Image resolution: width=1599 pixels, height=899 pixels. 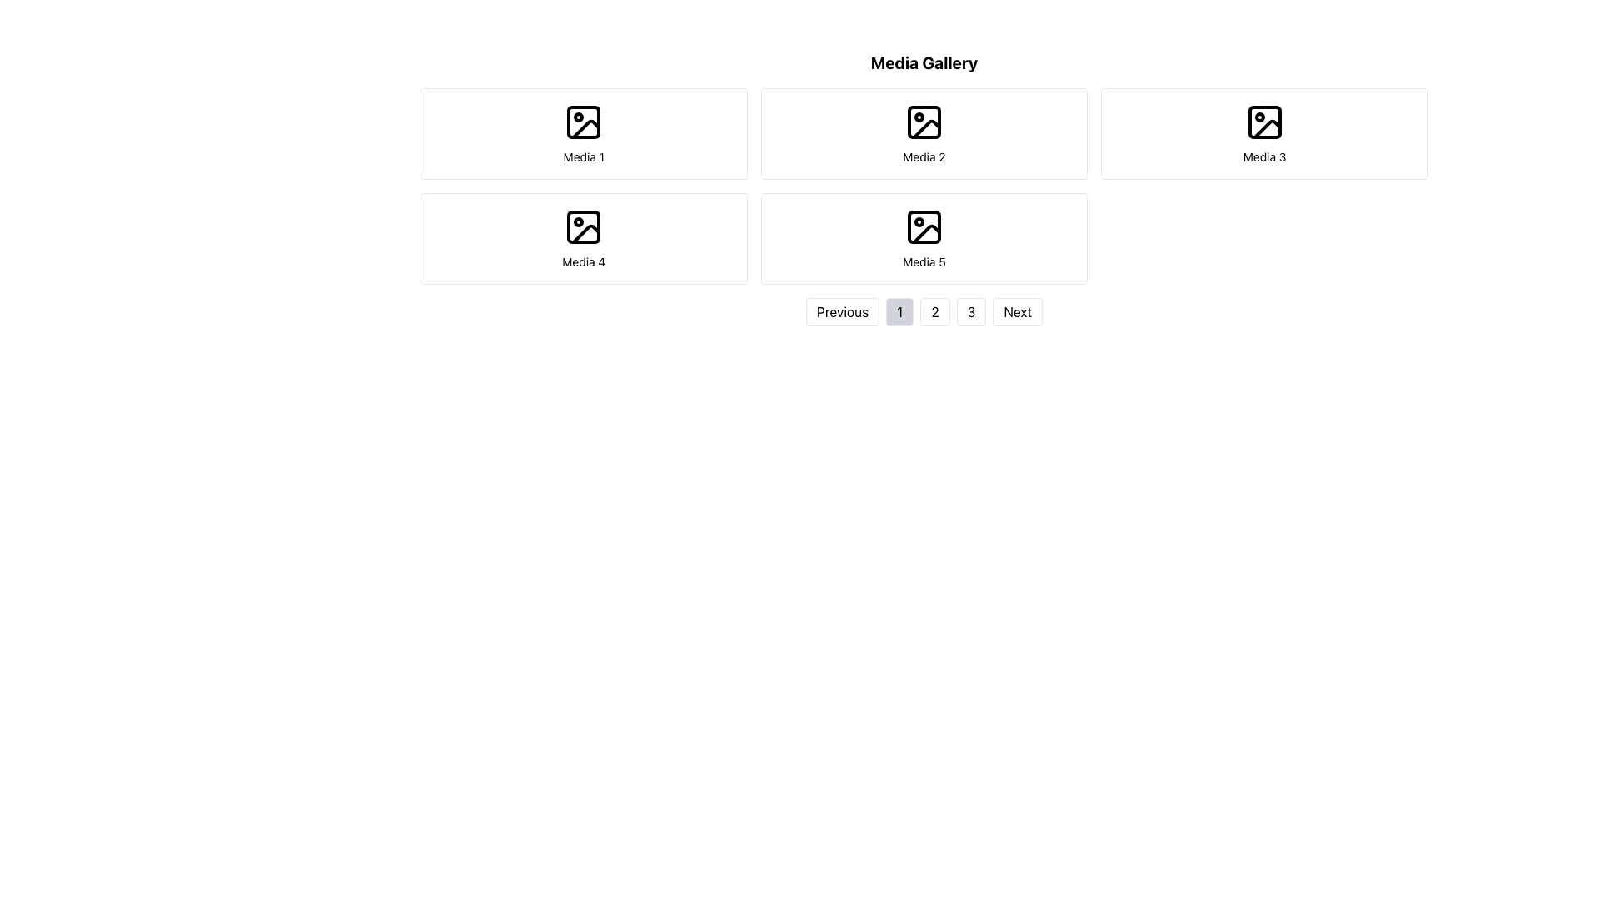 I want to click on the background layer rectangle of the 'Media 2' section in the gallery interface, which is part of an icon resembling a stylized image frame, so click(x=923, y=121).